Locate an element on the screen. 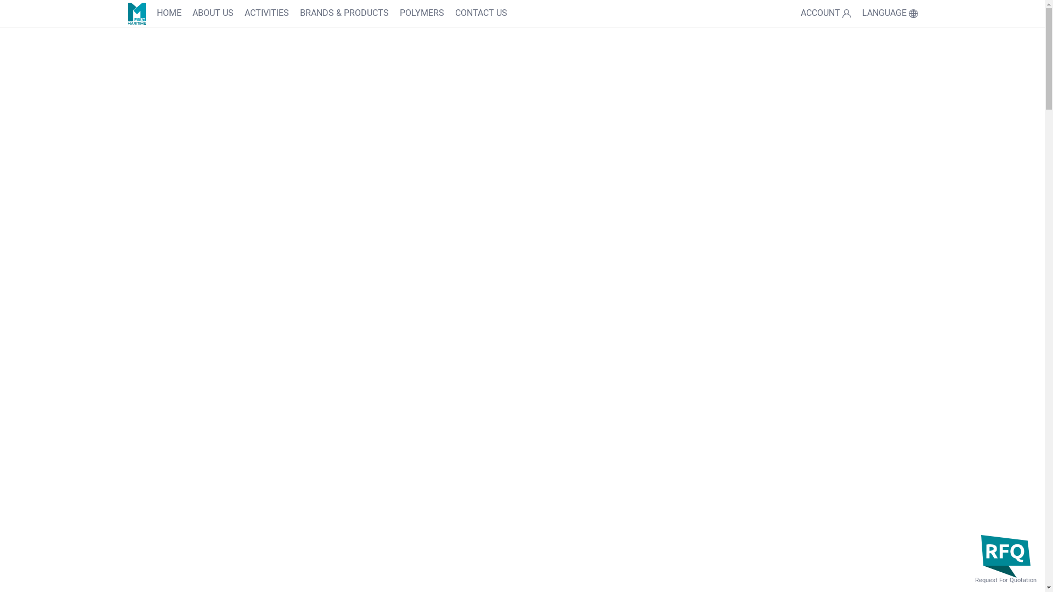 The height and width of the screenshot is (592, 1053). 'LANGUAGE' is located at coordinates (890, 13).